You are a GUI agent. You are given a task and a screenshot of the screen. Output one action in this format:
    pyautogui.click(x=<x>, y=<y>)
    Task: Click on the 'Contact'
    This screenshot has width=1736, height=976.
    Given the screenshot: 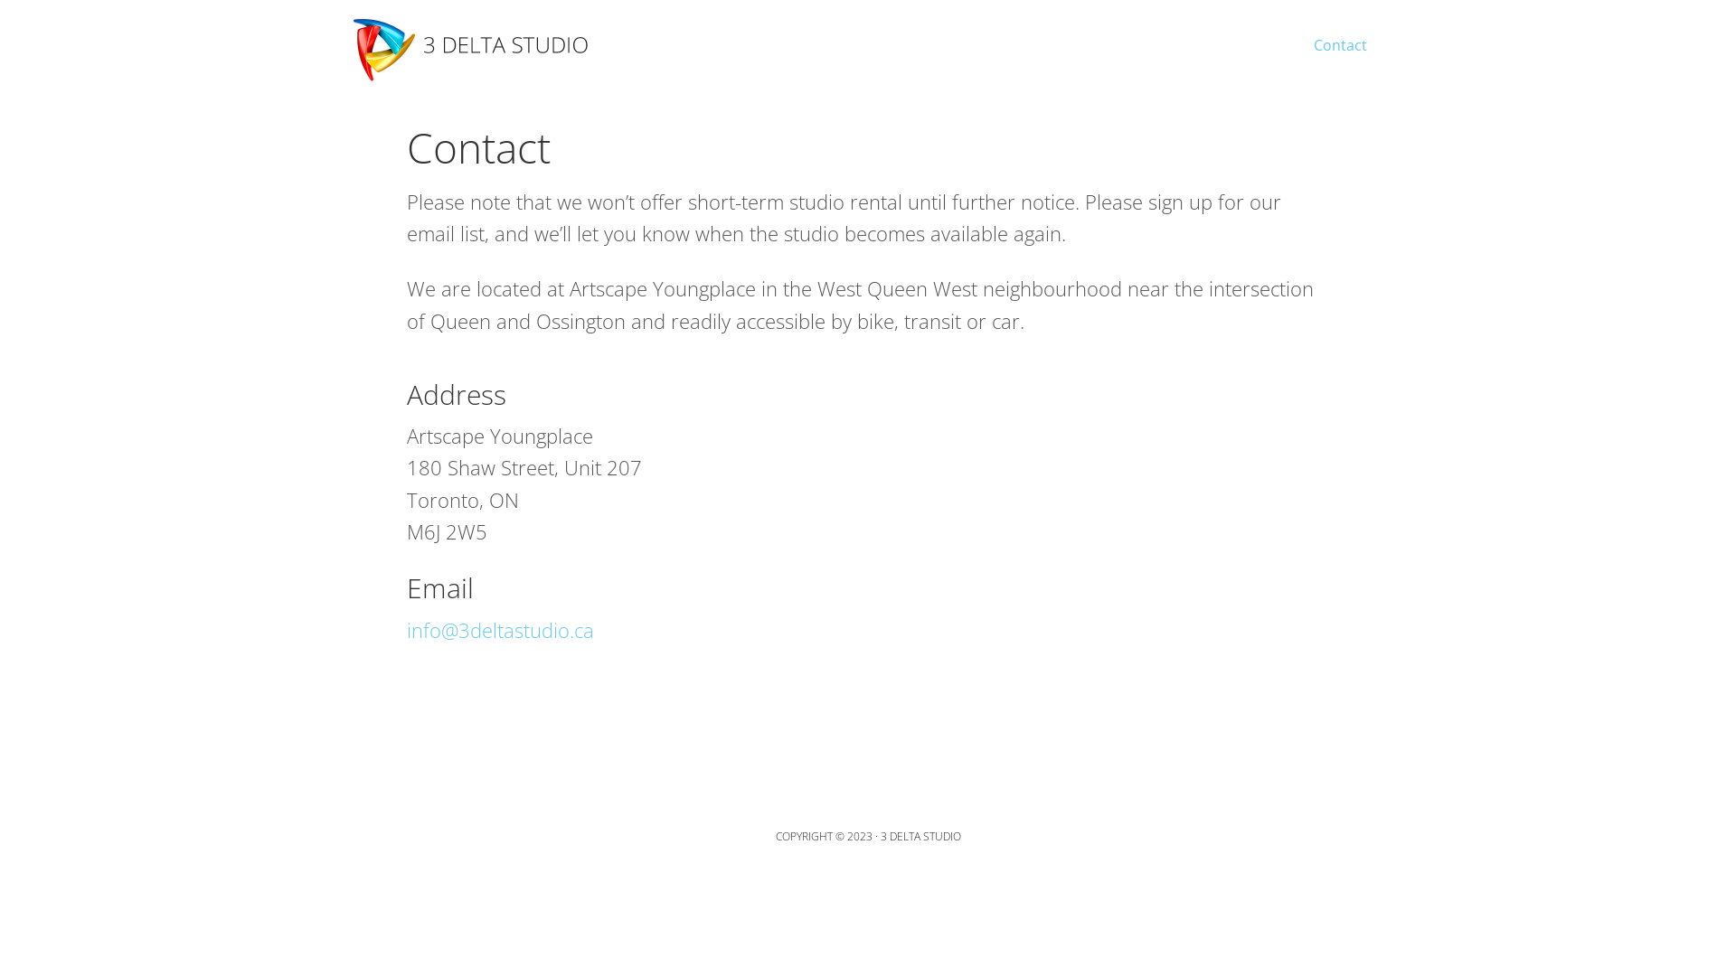 What is the action you would take?
    pyautogui.click(x=1340, y=34)
    